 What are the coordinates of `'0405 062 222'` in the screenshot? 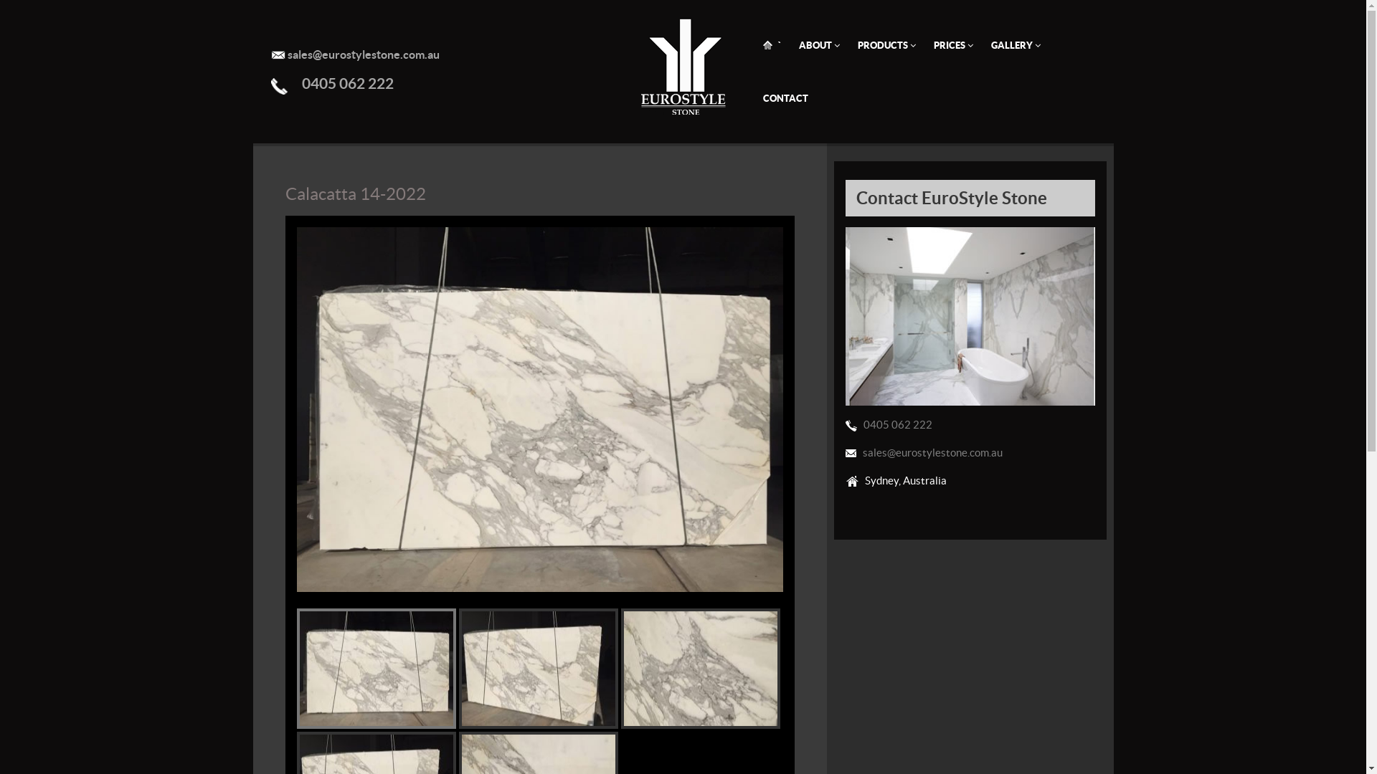 It's located at (347, 82).